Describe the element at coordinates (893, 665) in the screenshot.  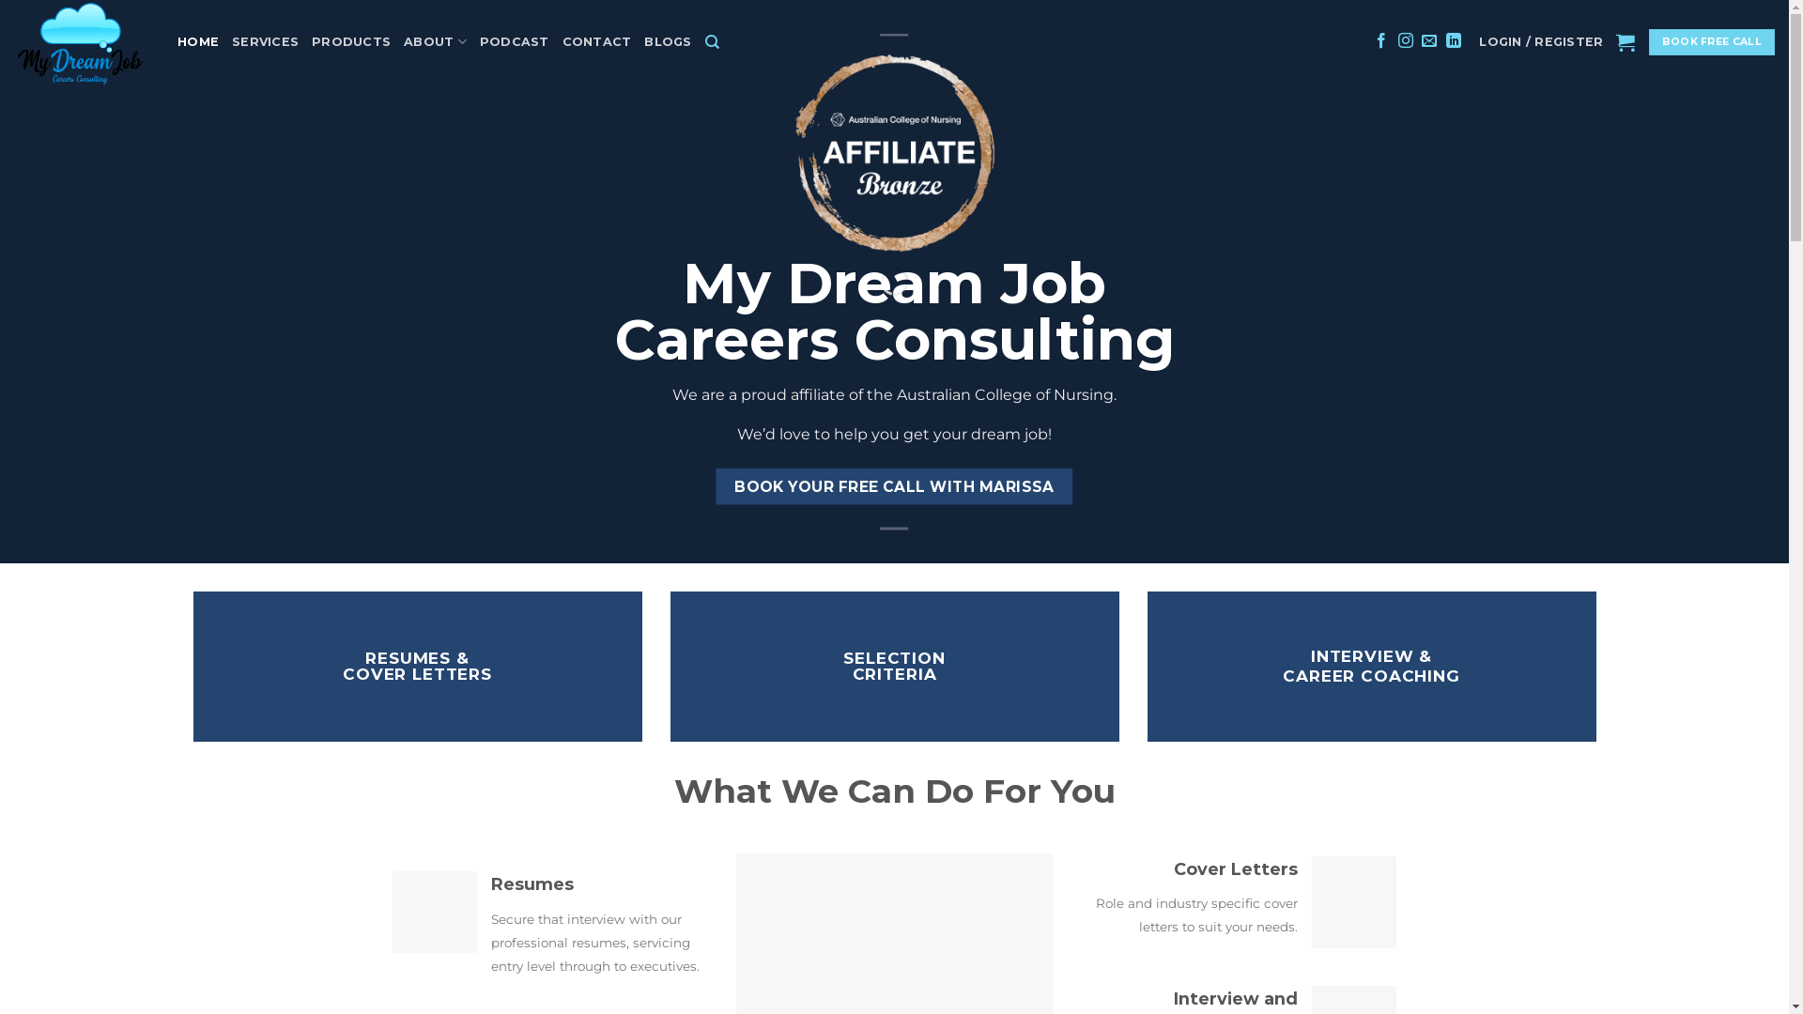
I see `'SELECTION` at that location.